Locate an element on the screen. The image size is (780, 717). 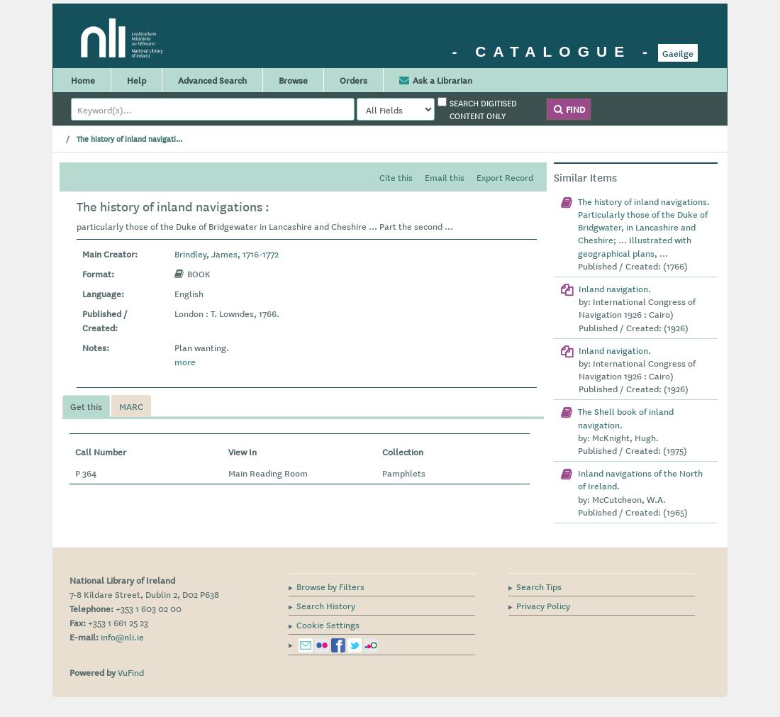
'VuFind' is located at coordinates (130, 671).